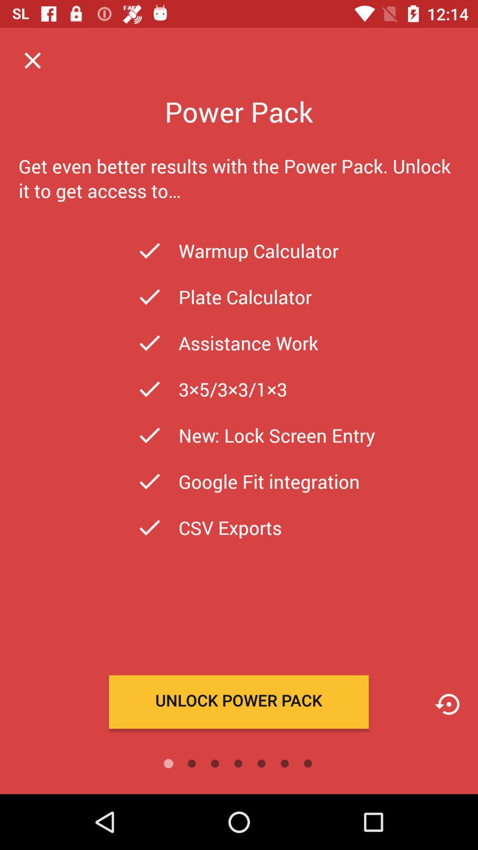 The height and width of the screenshot is (850, 478). I want to click on tap, so click(32, 60).